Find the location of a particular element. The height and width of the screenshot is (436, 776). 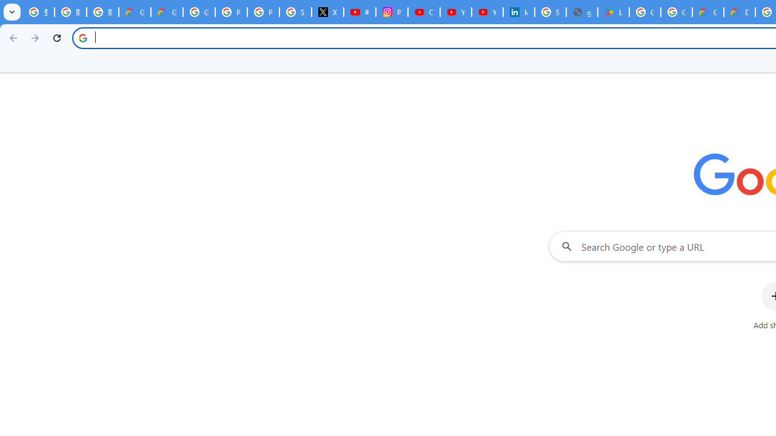

'Last Shelter: Survival - Apps on Google Play' is located at coordinates (613, 12).